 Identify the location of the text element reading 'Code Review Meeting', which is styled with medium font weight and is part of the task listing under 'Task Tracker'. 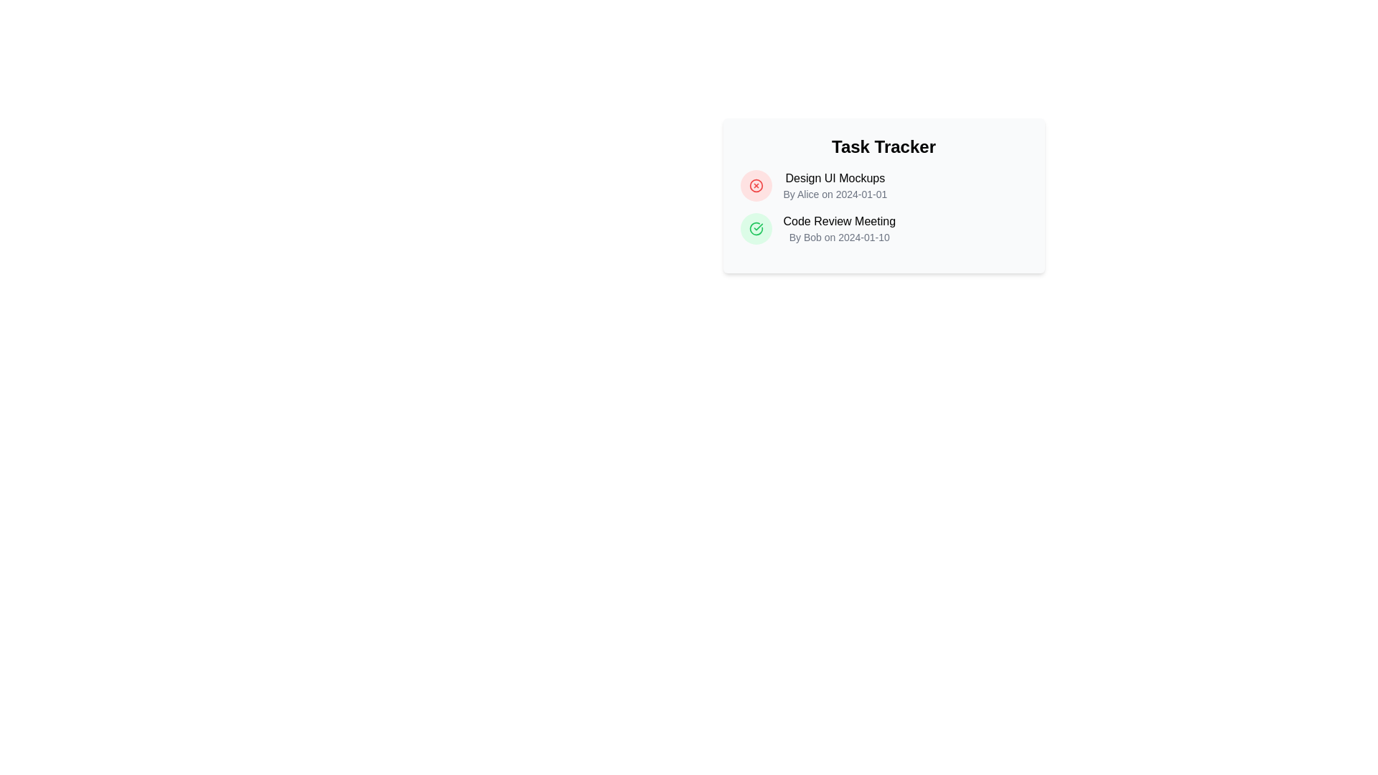
(839, 221).